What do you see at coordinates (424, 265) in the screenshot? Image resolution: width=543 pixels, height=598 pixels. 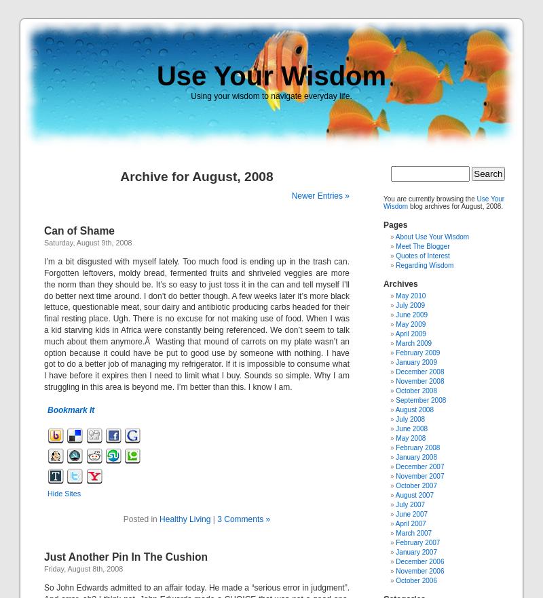 I see `'Regarding Wisdom'` at bounding box center [424, 265].